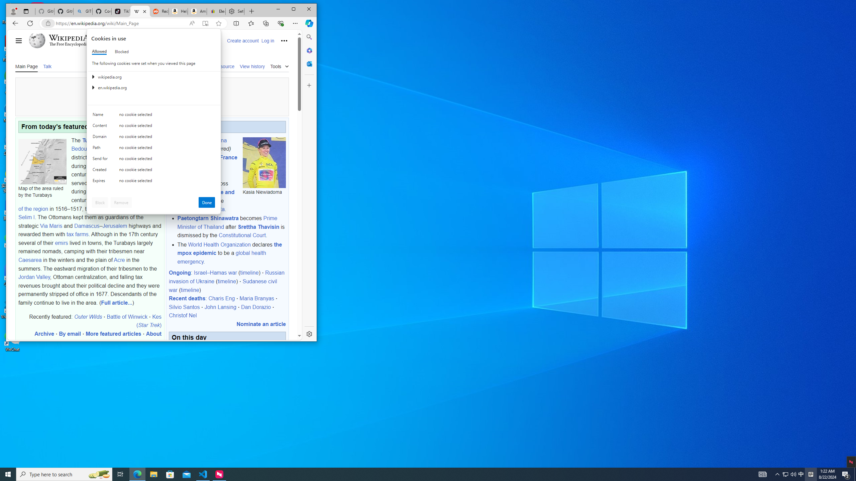 The width and height of the screenshot is (856, 481). Describe the element at coordinates (101, 149) in the screenshot. I see `'Path'` at that location.